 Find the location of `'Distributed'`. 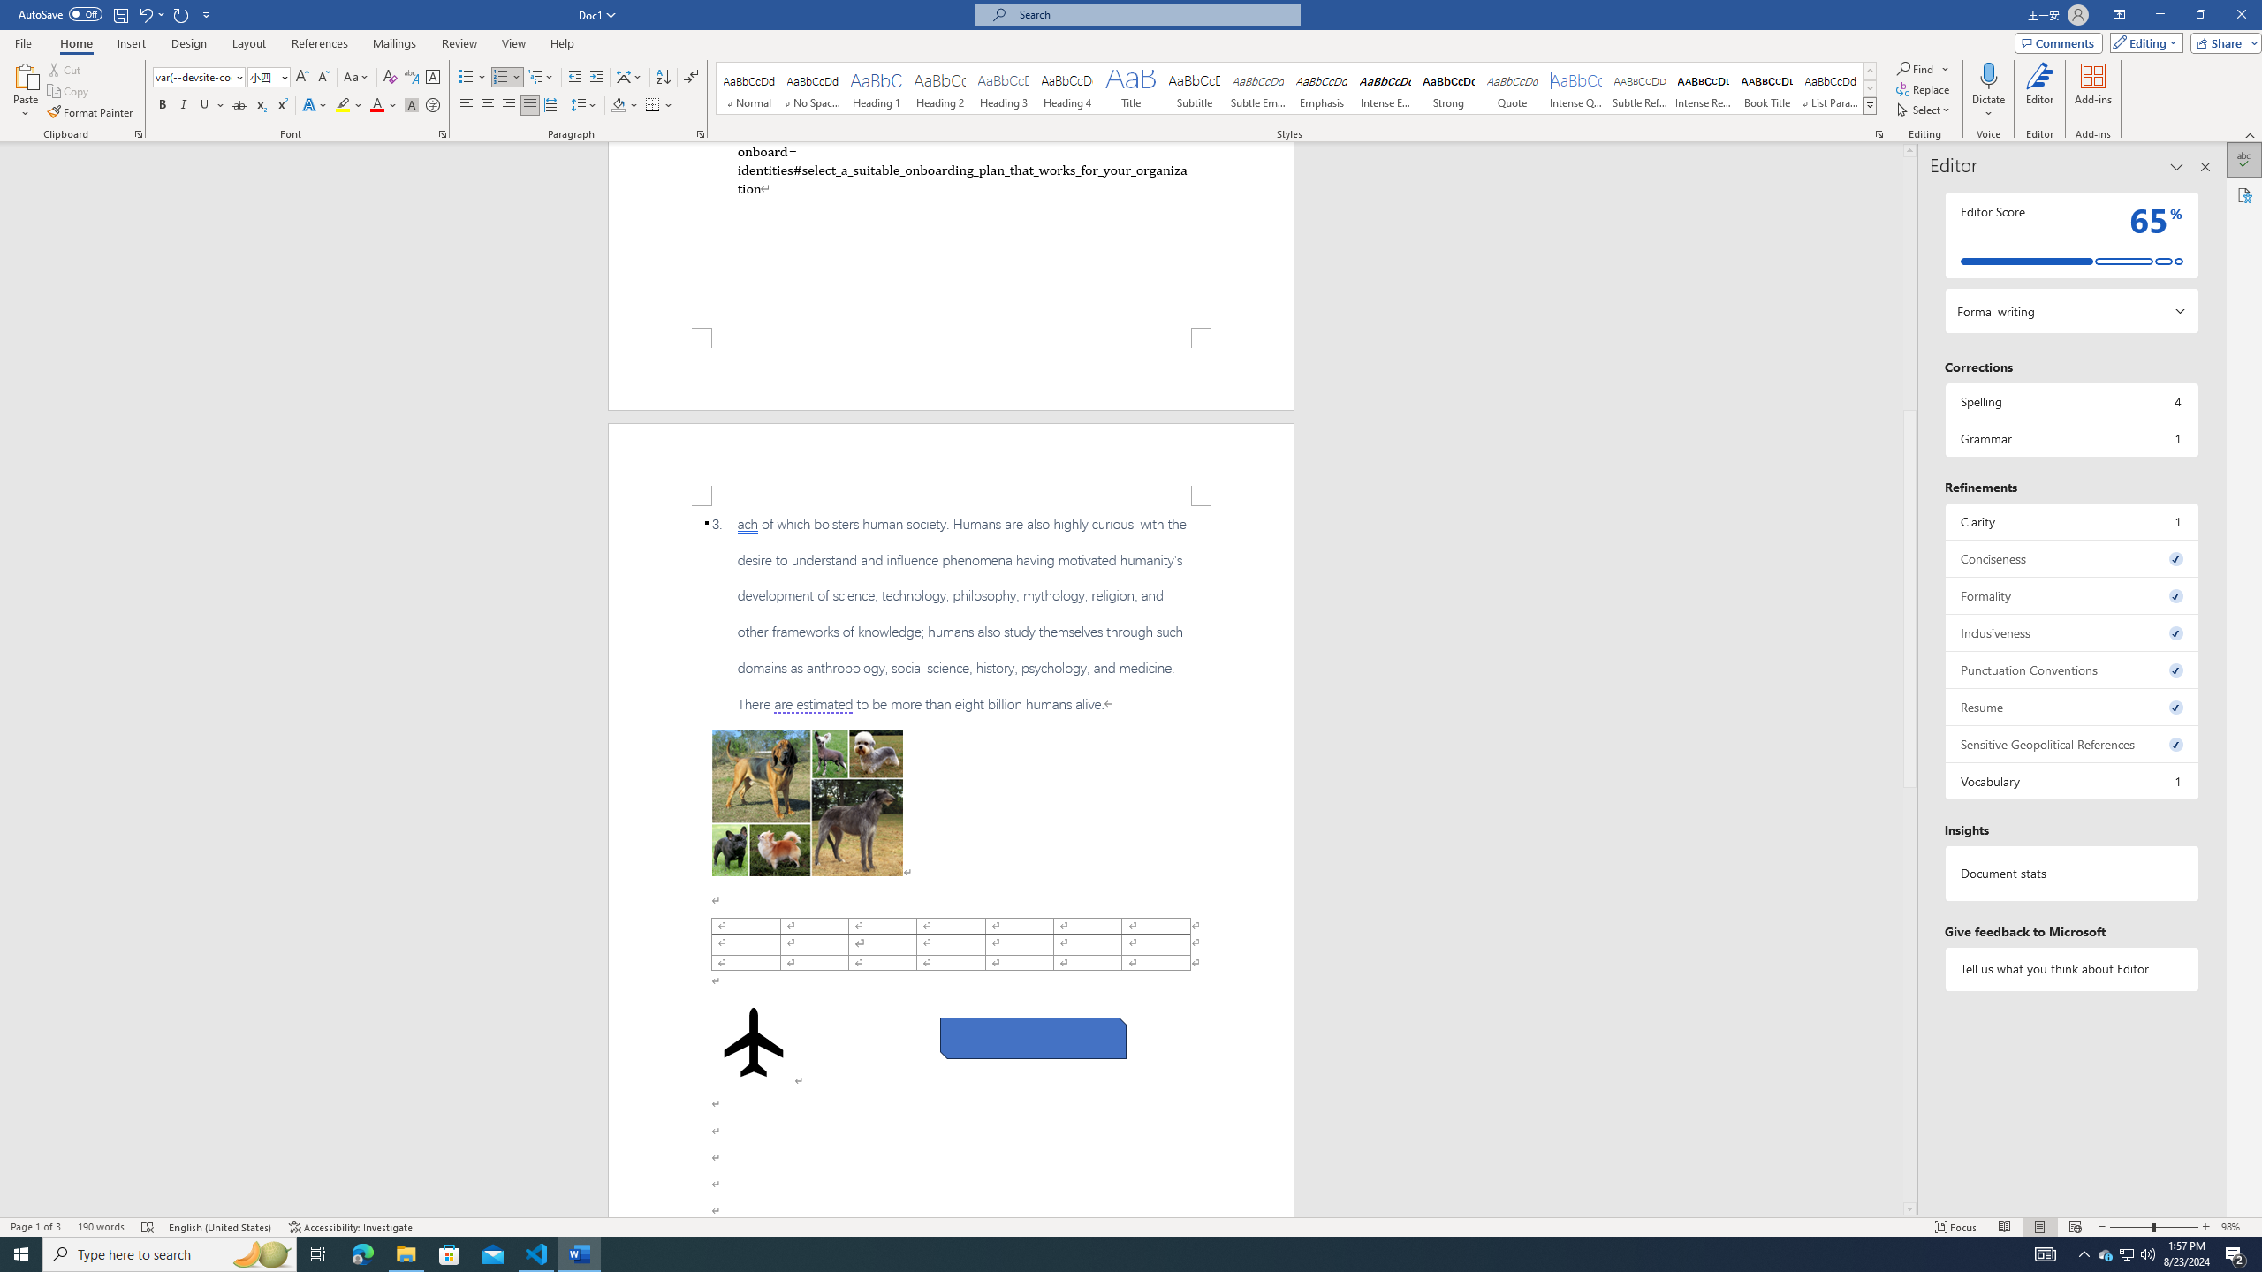

'Distributed' is located at coordinates (550, 104).